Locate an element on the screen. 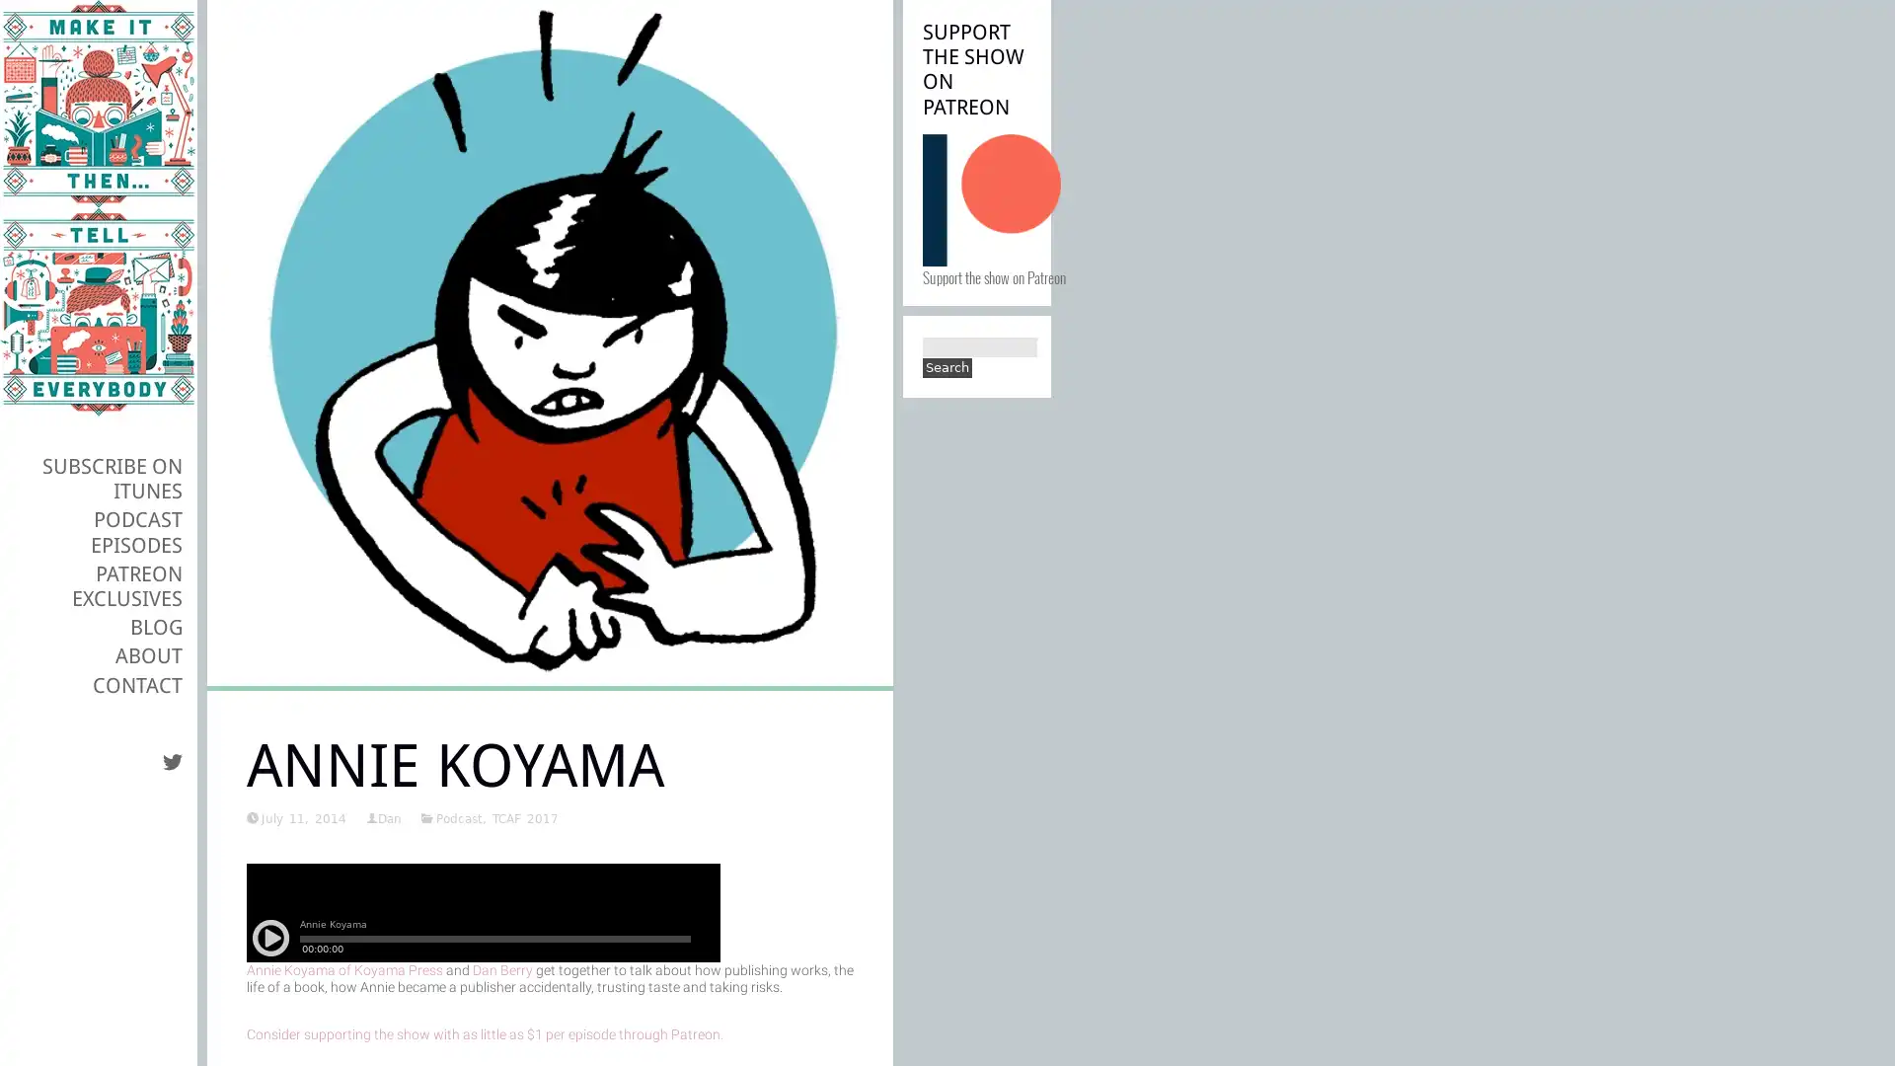 This screenshot has height=1066, width=1895. Search is located at coordinates (947, 368).